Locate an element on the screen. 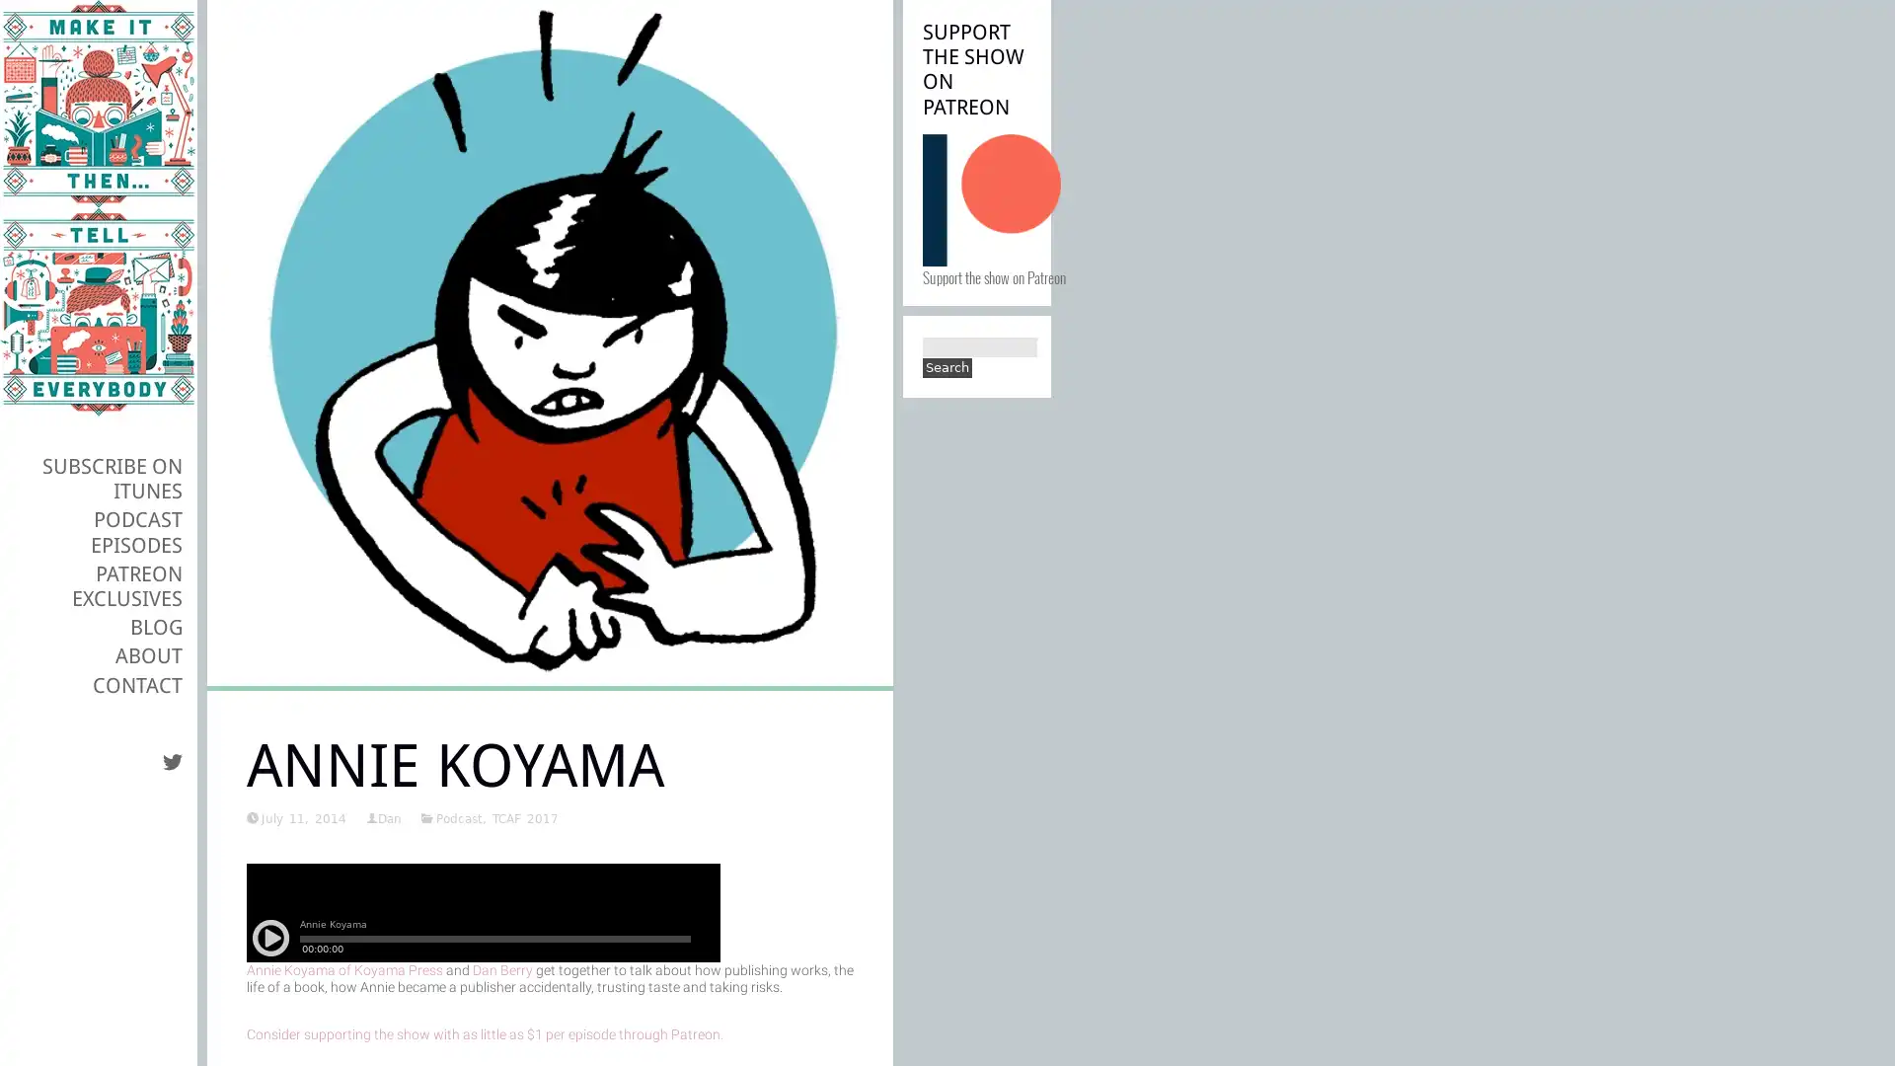 This screenshot has height=1066, width=1895. Search is located at coordinates (947, 368).